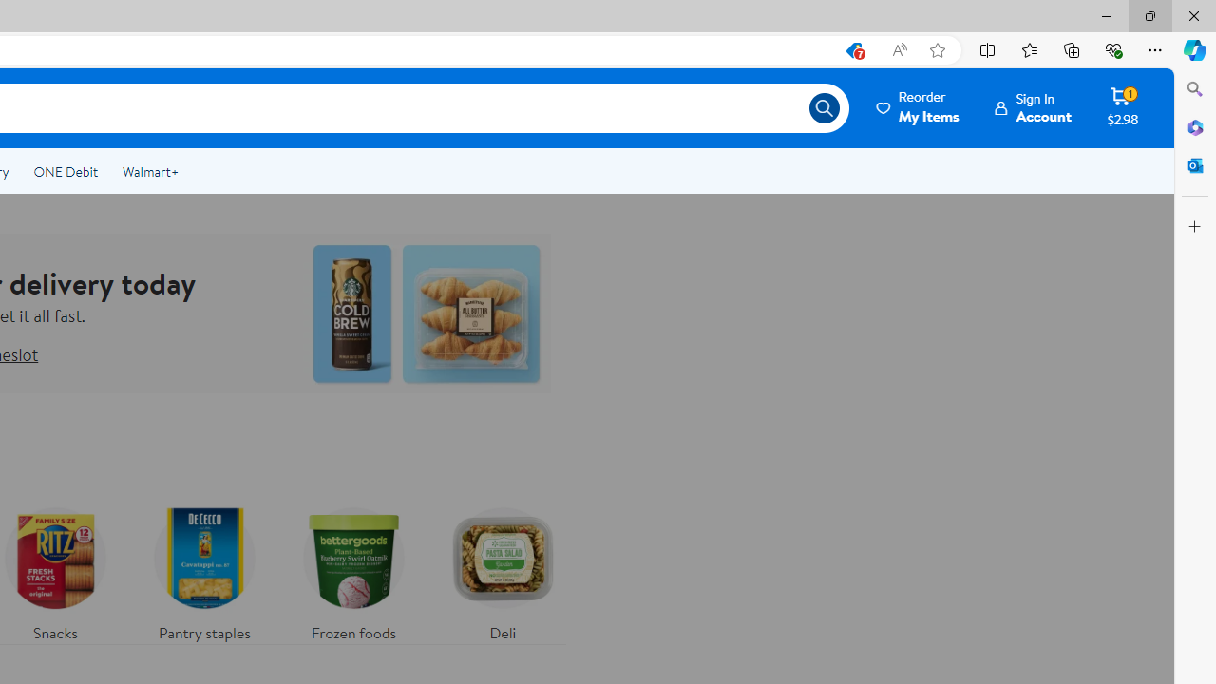  What do you see at coordinates (1123, 107) in the screenshot?
I see `'Cart contains 1 item Total Amount $2.98'` at bounding box center [1123, 107].